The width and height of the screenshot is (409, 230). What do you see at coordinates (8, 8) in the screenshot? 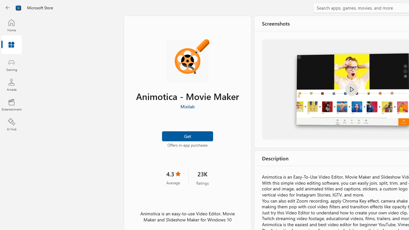
I see `'Back'` at bounding box center [8, 8].